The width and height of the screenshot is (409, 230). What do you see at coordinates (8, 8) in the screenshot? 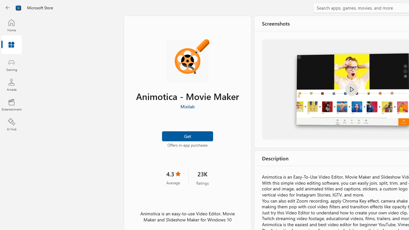
I see `'Back'` at bounding box center [8, 8].